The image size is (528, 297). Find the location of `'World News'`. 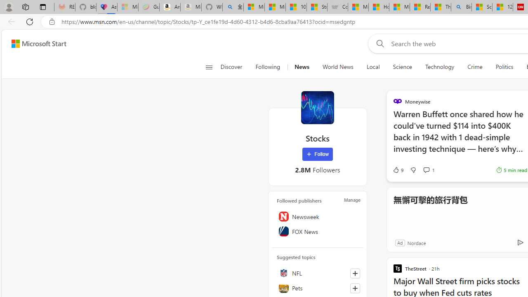

'World News' is located at coordinates (338, 67).